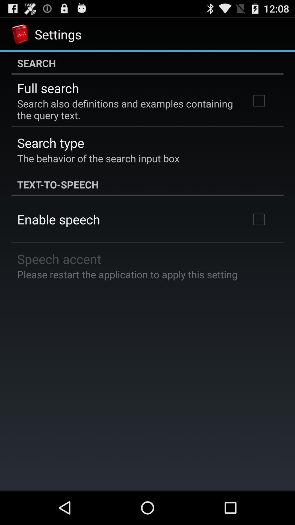 The image size is (295, 525). Describe the element at coordinates (147, 185) in the screenshot. I see `text-to-speech icon` at that location.